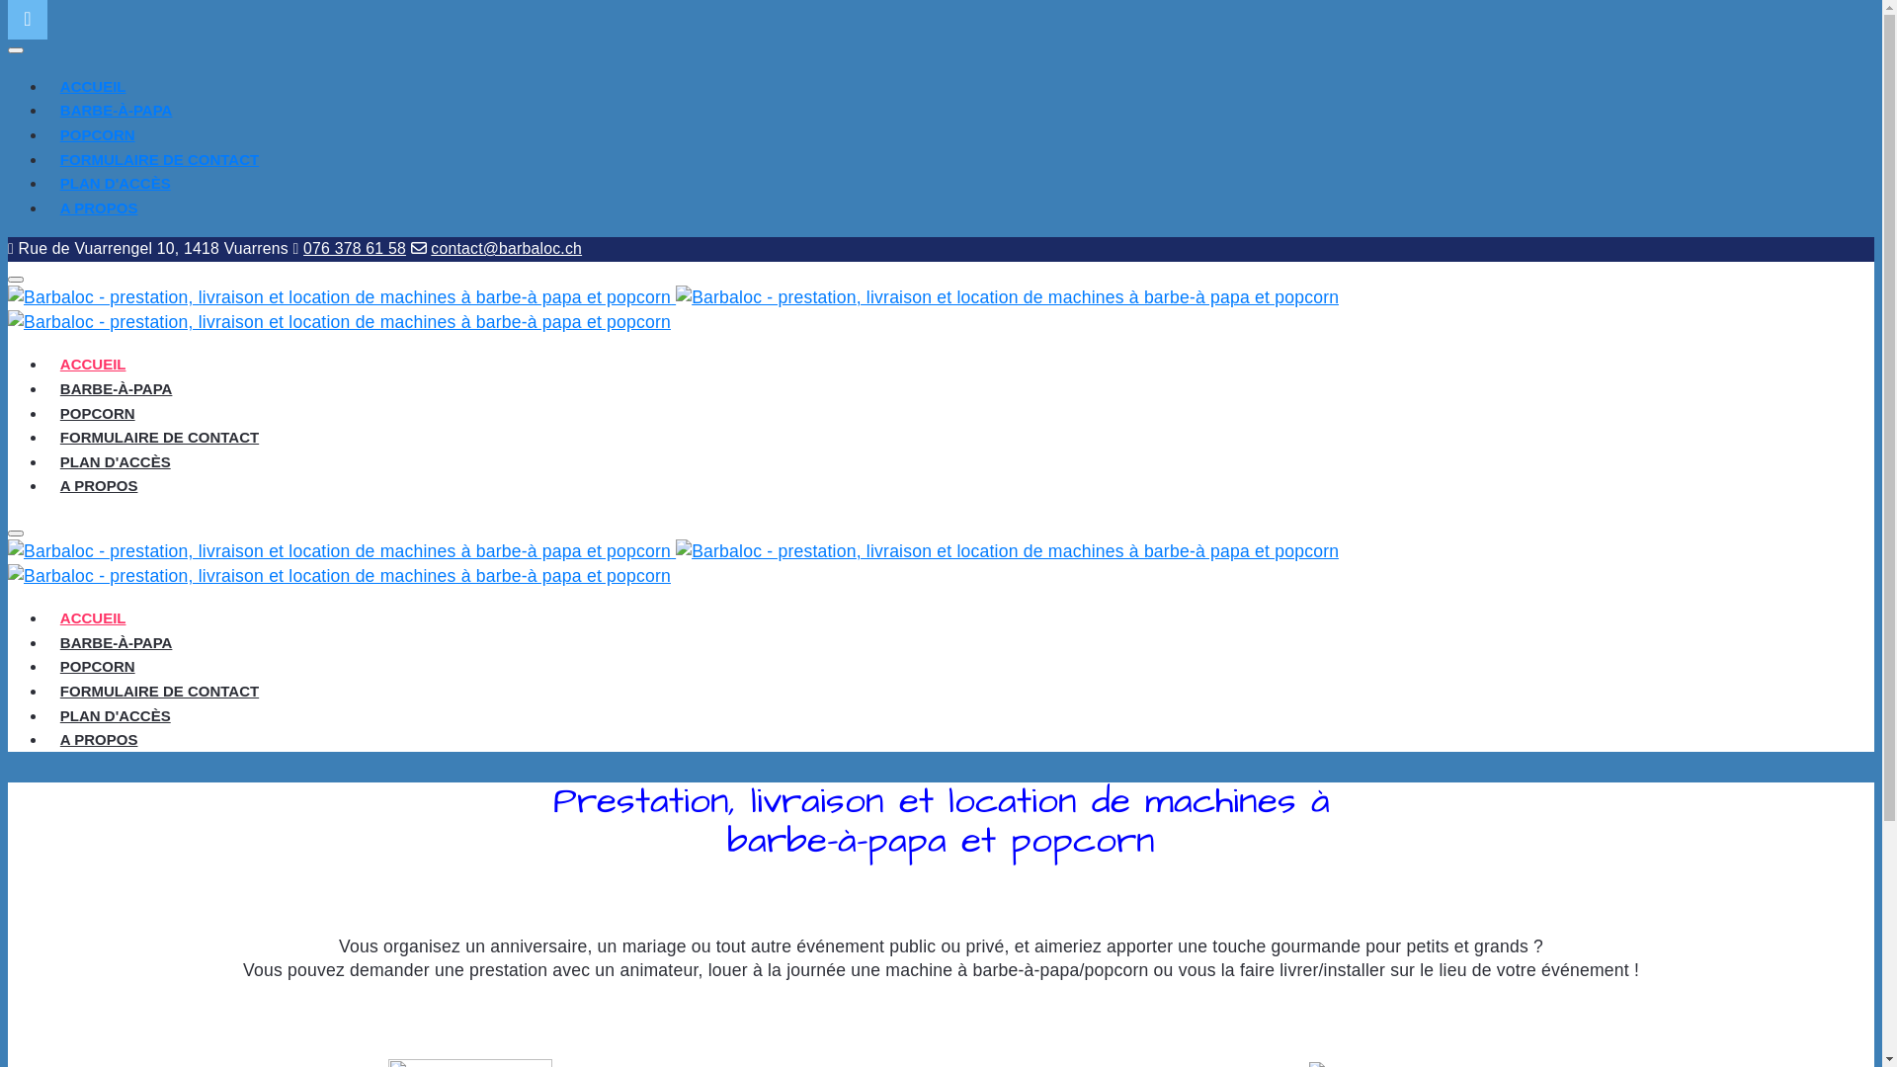  I want to click on 'A PROPOS', so click(98, 485).